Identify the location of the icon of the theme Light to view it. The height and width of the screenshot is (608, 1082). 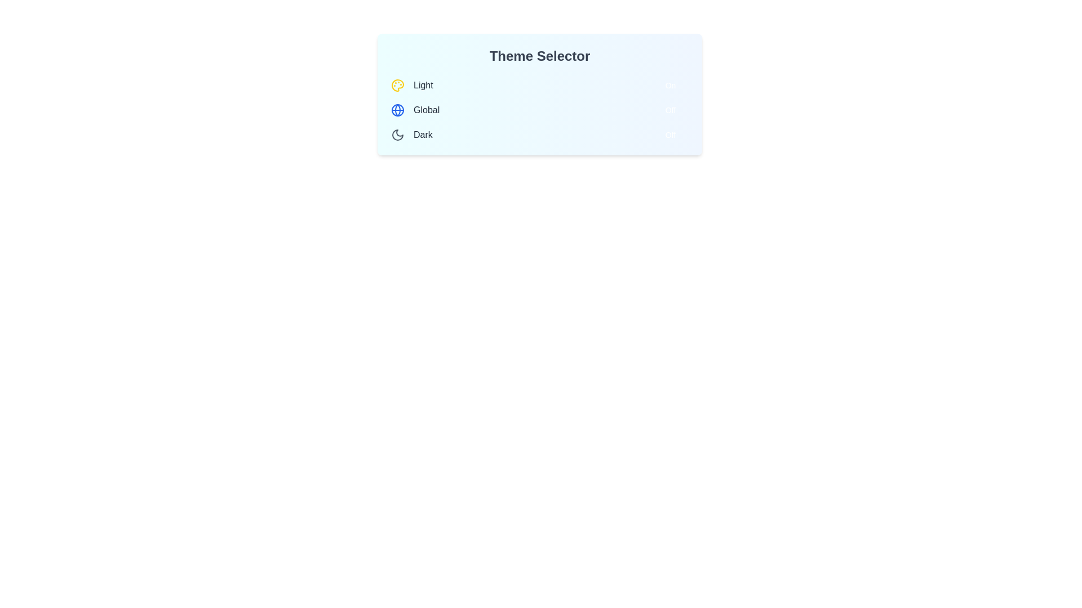
(397, 84).